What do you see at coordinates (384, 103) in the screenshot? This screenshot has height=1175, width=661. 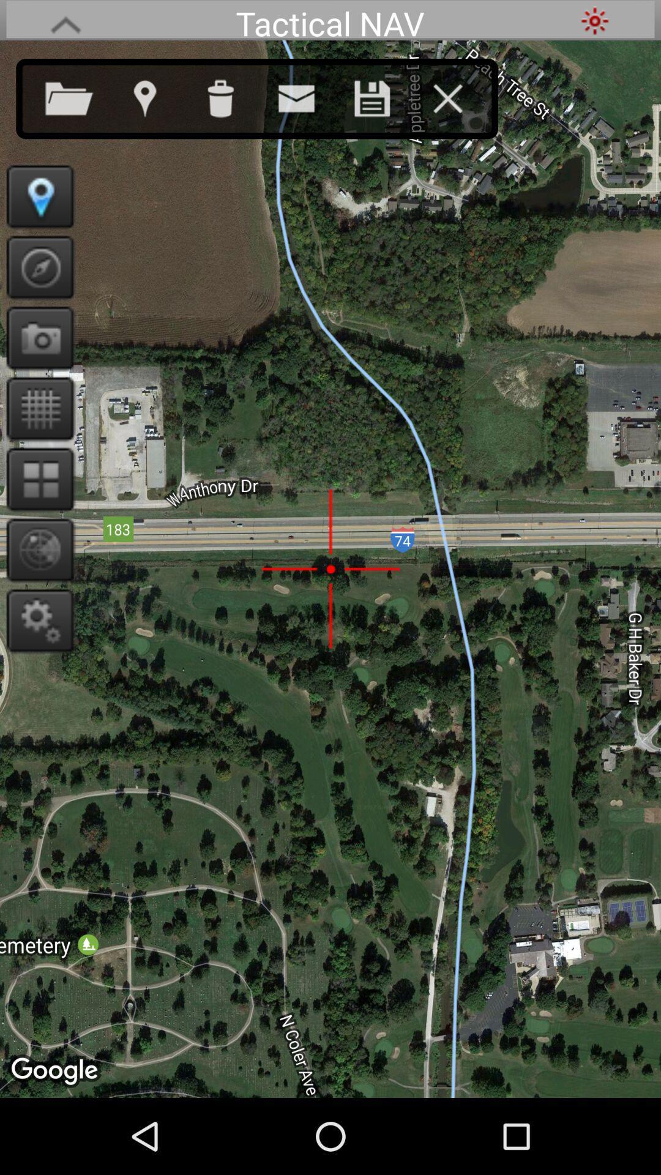 I see `the save icon` at bounding box center [384, 103].